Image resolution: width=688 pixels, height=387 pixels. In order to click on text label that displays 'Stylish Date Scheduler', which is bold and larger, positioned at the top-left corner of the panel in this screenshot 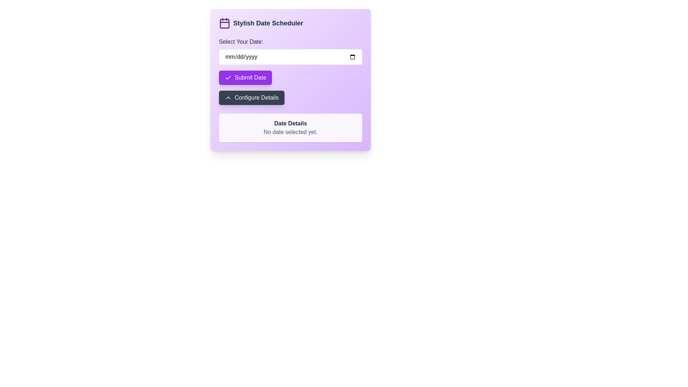, I will do `click(268, 23)`.